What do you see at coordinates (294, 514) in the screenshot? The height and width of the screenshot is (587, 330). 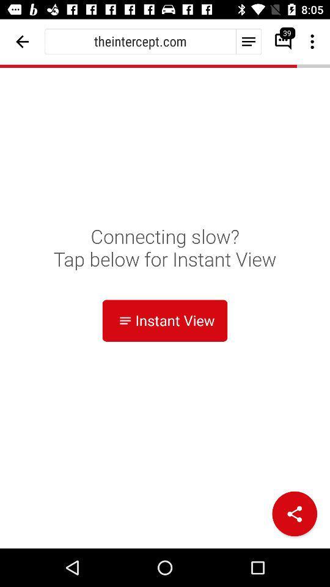 I see `tap the share button` at bounding box center [294, 514].